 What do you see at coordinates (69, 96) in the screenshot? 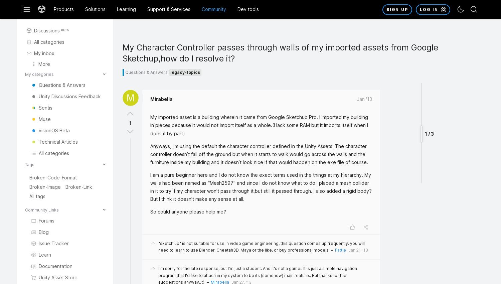
I see `'Unity Discussions Feedback'` at bounding box center [69, 96].